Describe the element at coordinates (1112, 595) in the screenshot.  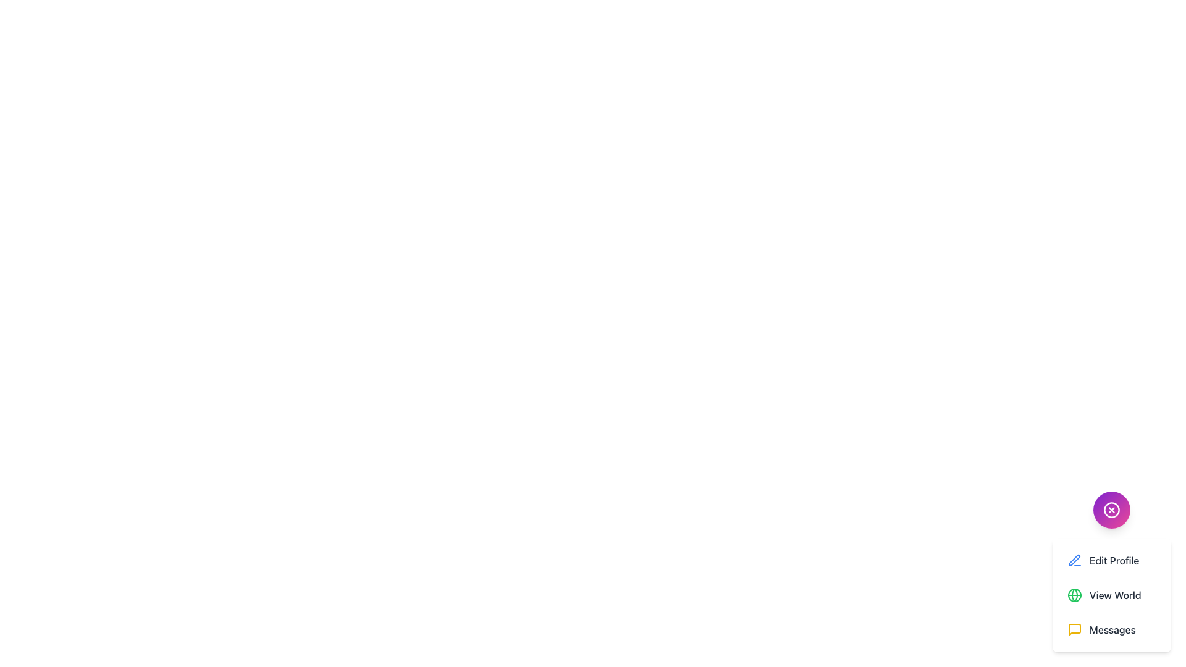
I see `the second button in the vertical list that routes users to a world viewing section, located towards the bottom-right corner of the interface` at that location.